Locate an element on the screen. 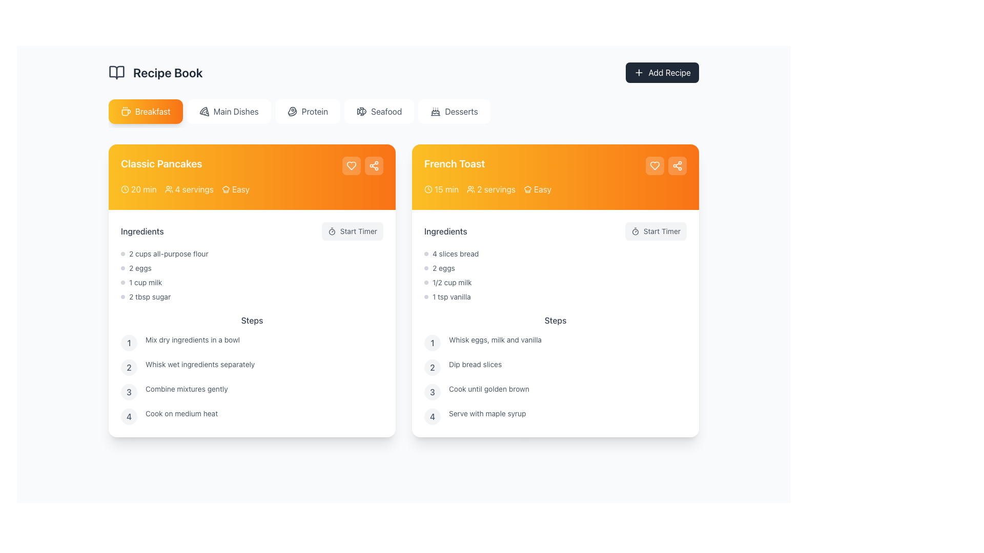  the text label displaying 'Recipe Book' that is styled in a large, bold, dark color and is aligned to the right of a book icon in the header area is located at coordinates (168, 72).